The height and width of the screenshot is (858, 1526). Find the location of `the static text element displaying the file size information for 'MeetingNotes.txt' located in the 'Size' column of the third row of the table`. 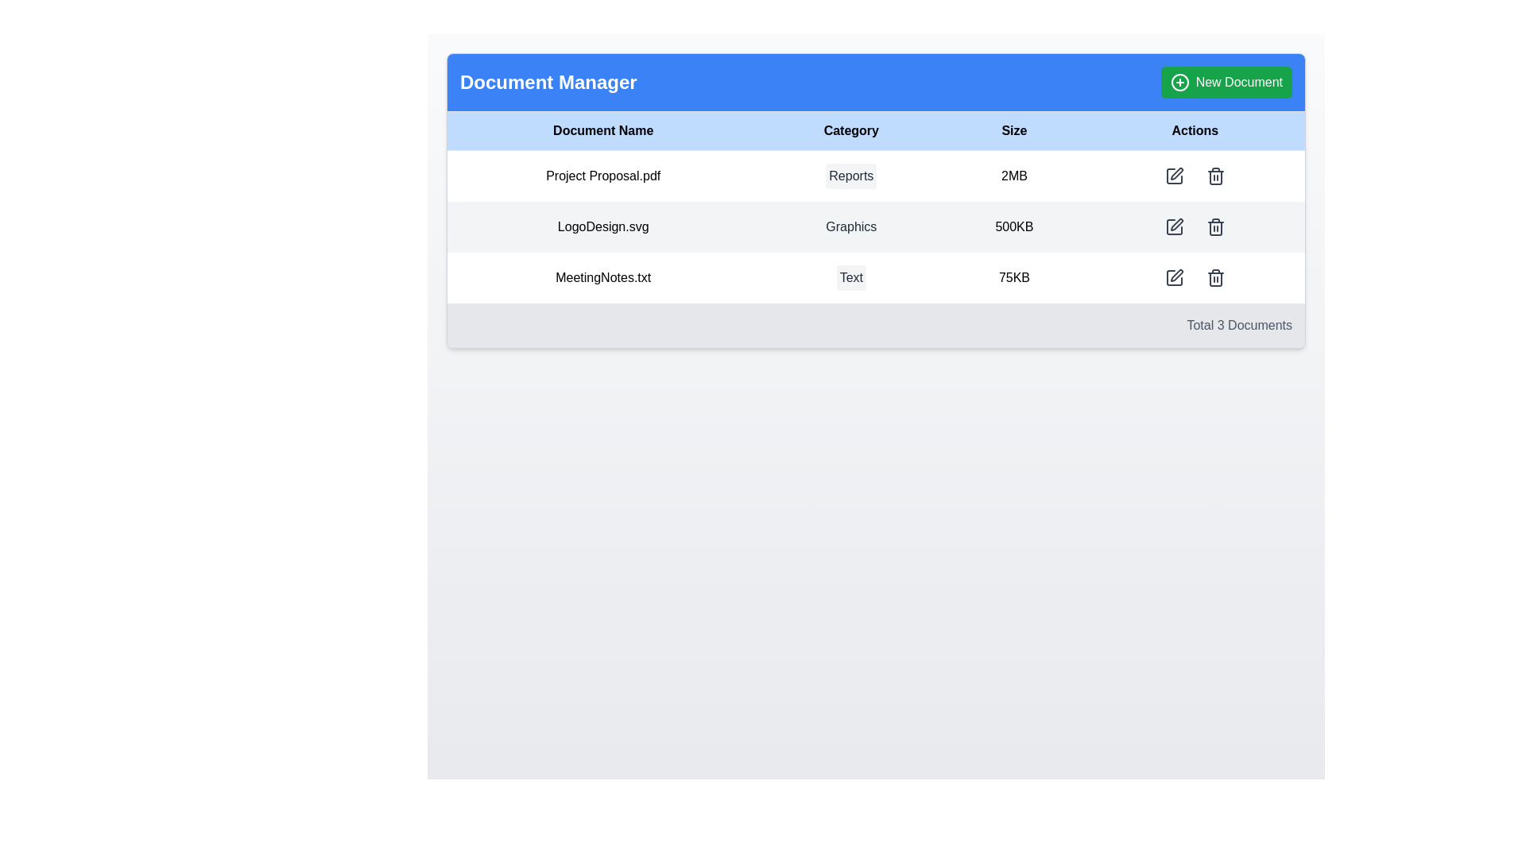

the static text element displaying the file size information for 'MeetingNotes.txt' located in the 'Size' column of the third row of the table is located at coordinates (1013, 277).